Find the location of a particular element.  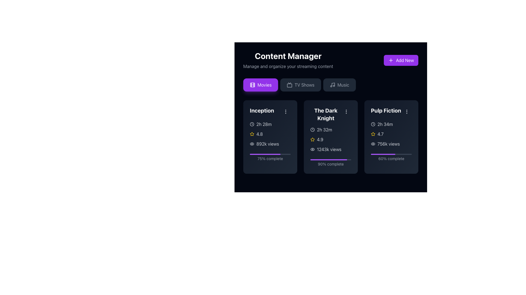

text element that displays the duration of the movie 'Inception', which is positioned to the right of a clock icon in the top-left area of the movie card is located at coordinates (264, 124).